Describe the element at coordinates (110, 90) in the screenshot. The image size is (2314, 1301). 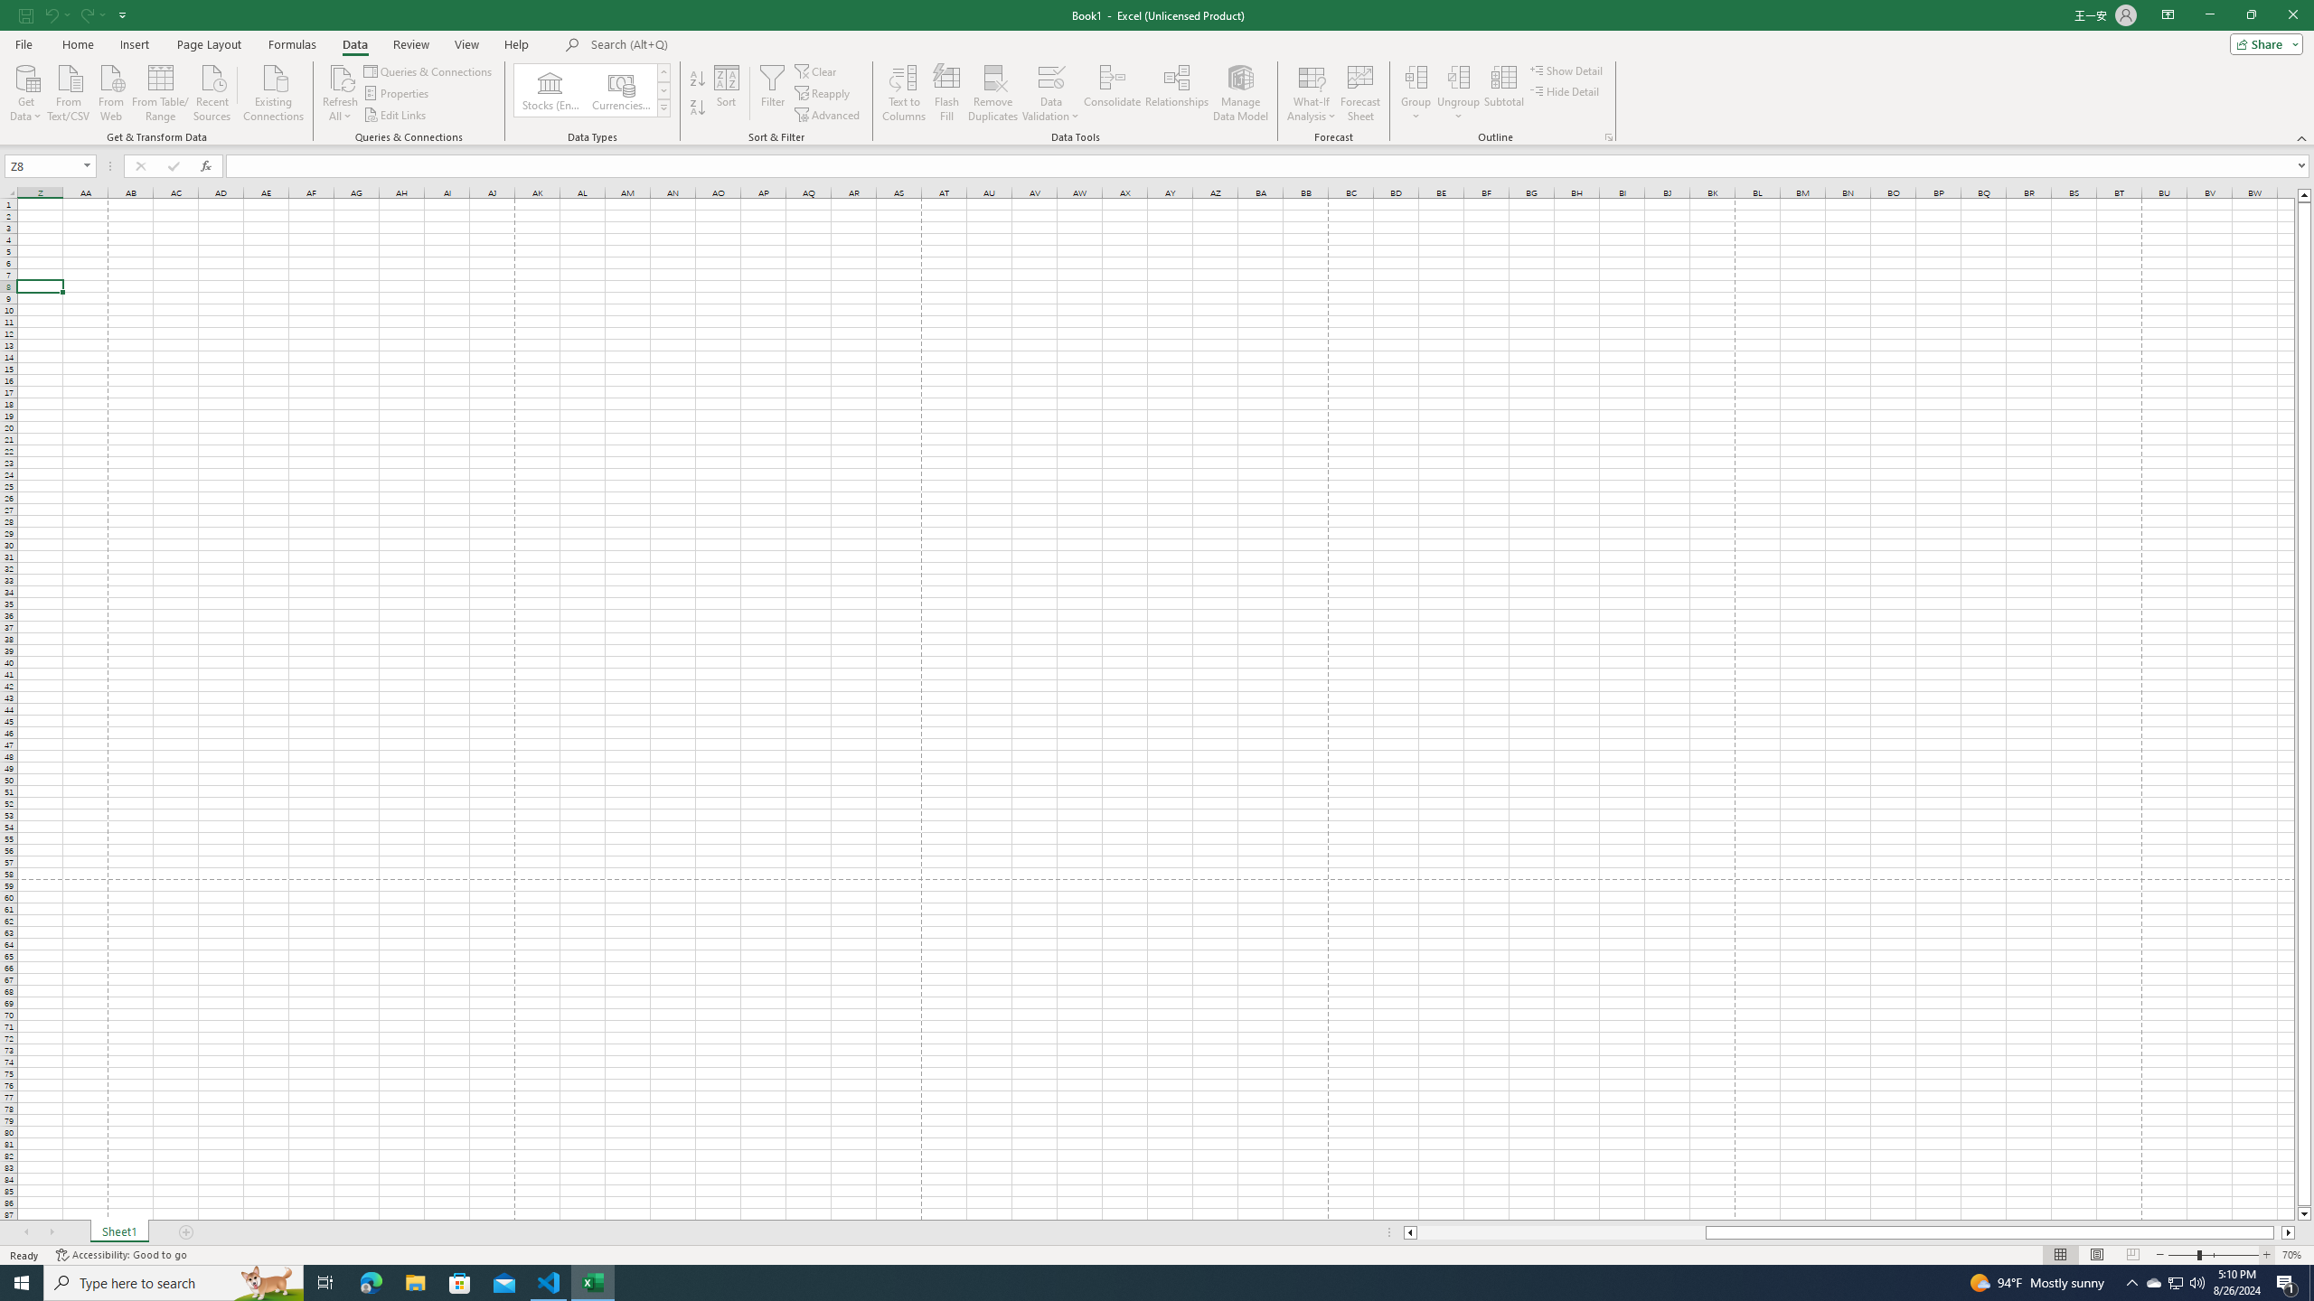
I see `'From Web'` at that location.